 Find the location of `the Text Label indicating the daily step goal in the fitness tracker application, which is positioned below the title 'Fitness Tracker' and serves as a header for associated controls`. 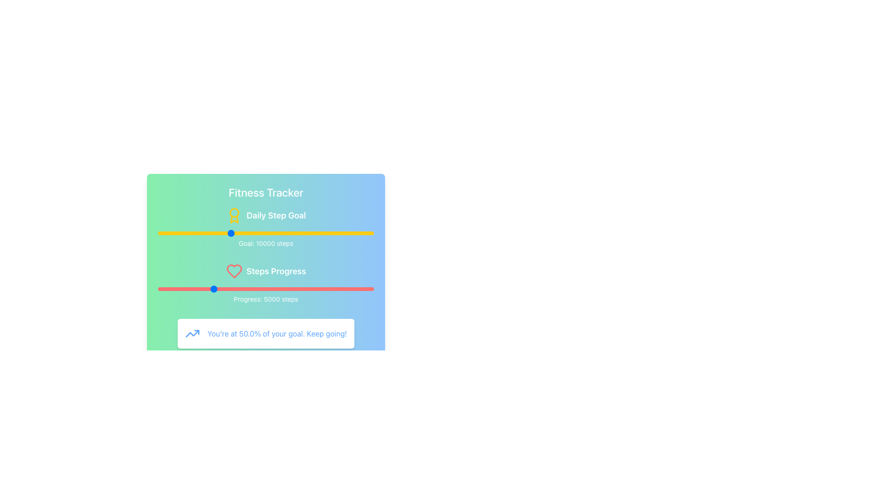

the Text Label indicating the daily step goal in the fitness tracker application, which is positioned below the title 'Fitness Tracker' and serves as a header for associated controls is located at coordinates (265, 215).